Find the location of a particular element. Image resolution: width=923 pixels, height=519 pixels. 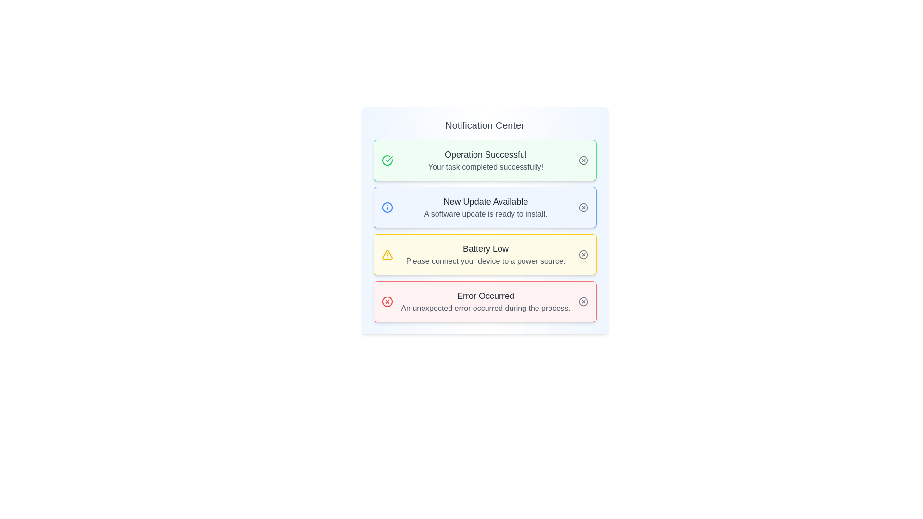

text content of the second notification in the notification card that indicates a software update is available for installation is located at coordinates (486, 207).